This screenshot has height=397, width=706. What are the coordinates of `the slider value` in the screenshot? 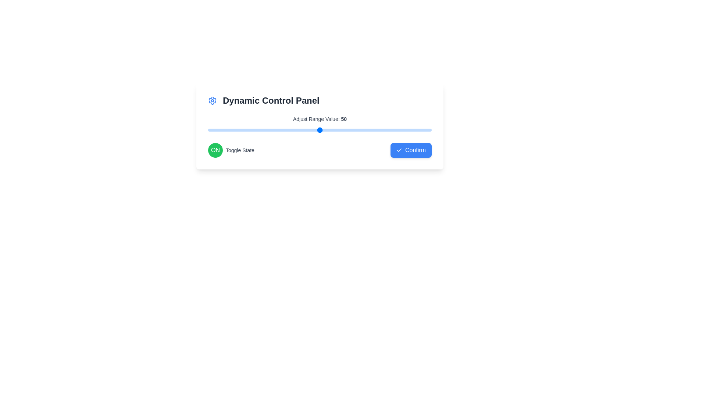 It's located at (257, 130).